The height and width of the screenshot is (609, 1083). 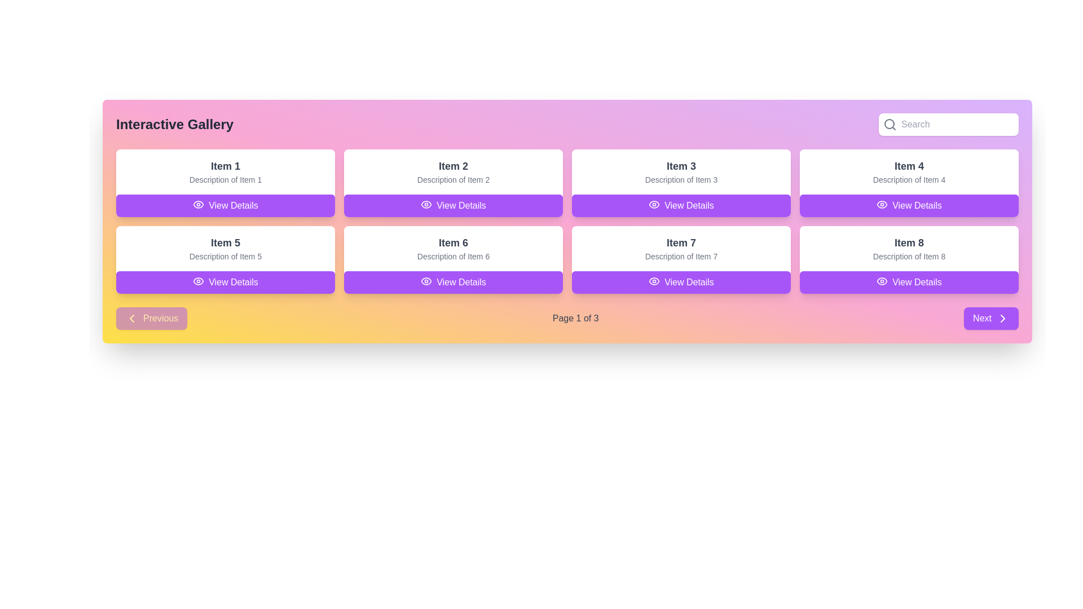 I want to click on the 'eye' icon within the 'View Details' button of 'Item 5' in the second row, left column of the grid layout, so click(x=199, y=204).